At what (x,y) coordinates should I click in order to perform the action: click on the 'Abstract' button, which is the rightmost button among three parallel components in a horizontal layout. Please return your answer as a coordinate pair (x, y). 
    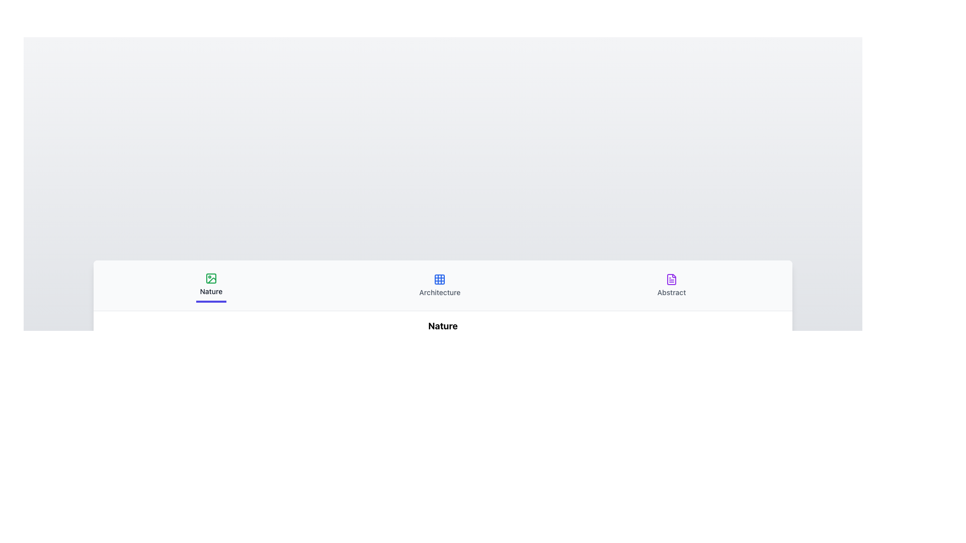
    Looking at the image, I should click on (671, 285).